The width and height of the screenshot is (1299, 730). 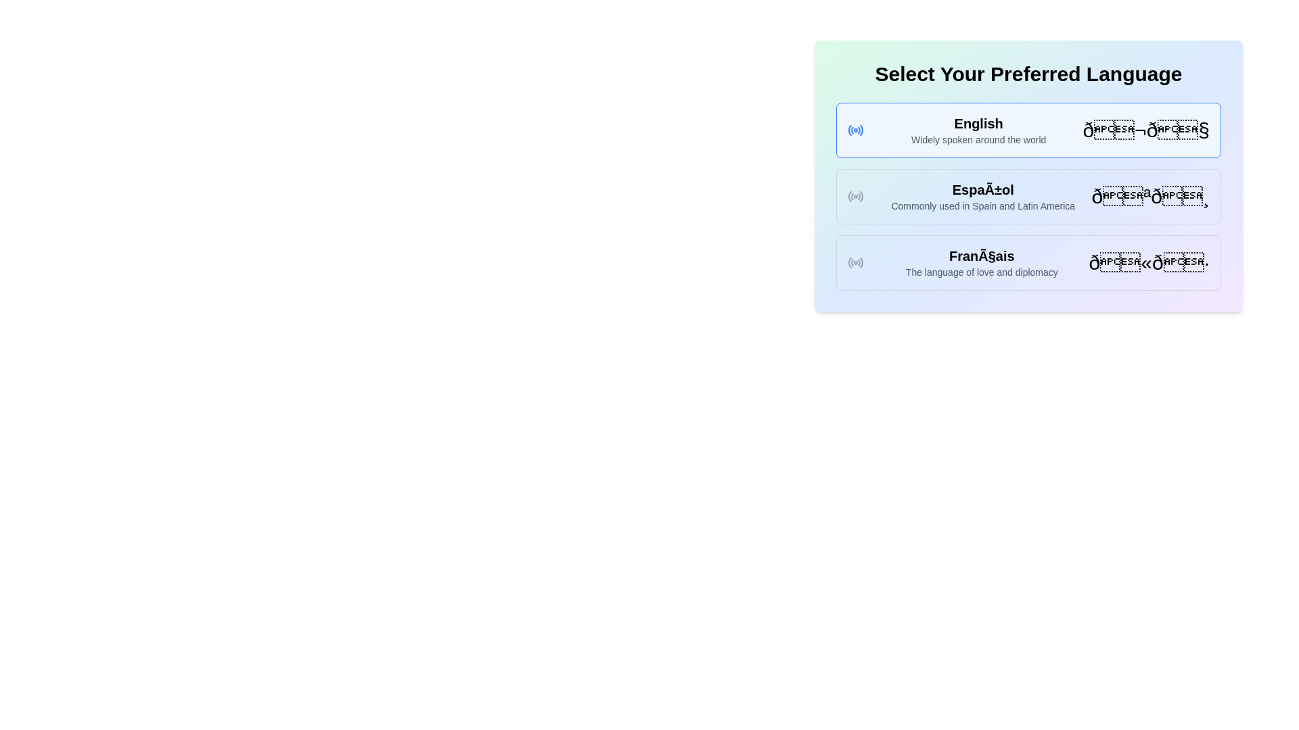 I want to click on the static text element that provides descriptive information about the English language, located immediately below the title 'English' in the vertical list of language options, so click(x=978, y=140).